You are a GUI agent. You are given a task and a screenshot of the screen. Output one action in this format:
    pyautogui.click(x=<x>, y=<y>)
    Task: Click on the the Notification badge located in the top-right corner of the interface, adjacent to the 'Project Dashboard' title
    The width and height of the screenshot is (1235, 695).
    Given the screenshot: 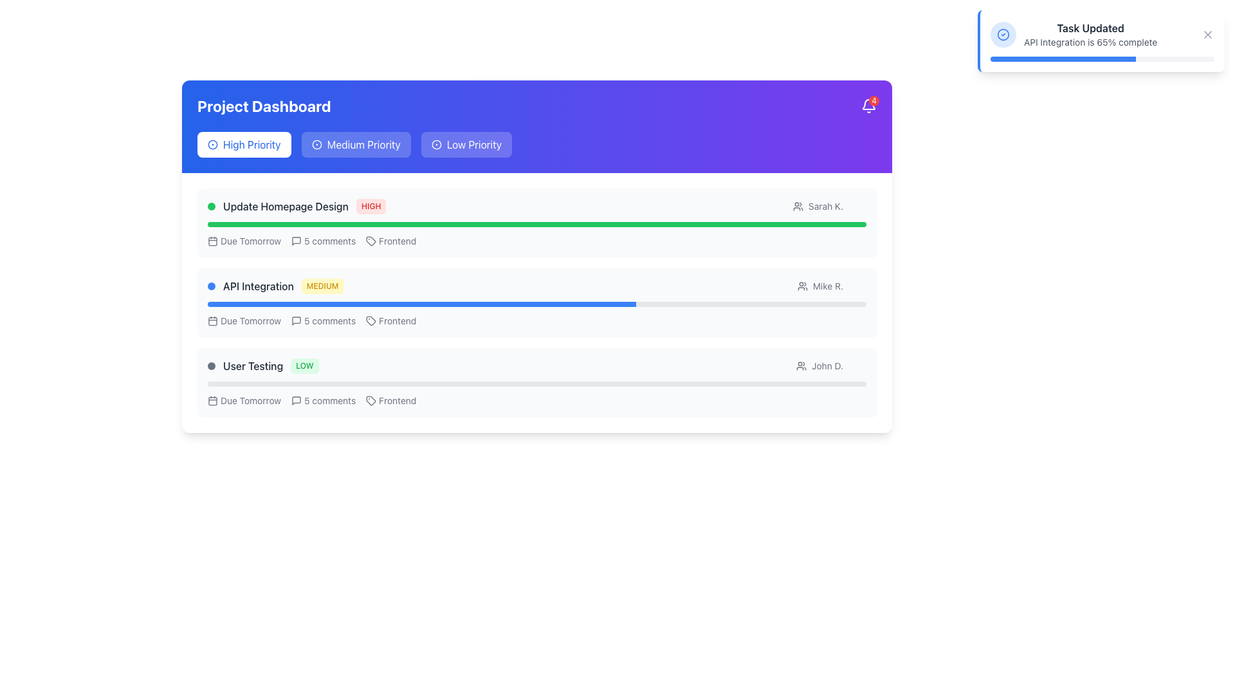 What is the action you would take?
    pyautogui.click(x=868, y=106)
    